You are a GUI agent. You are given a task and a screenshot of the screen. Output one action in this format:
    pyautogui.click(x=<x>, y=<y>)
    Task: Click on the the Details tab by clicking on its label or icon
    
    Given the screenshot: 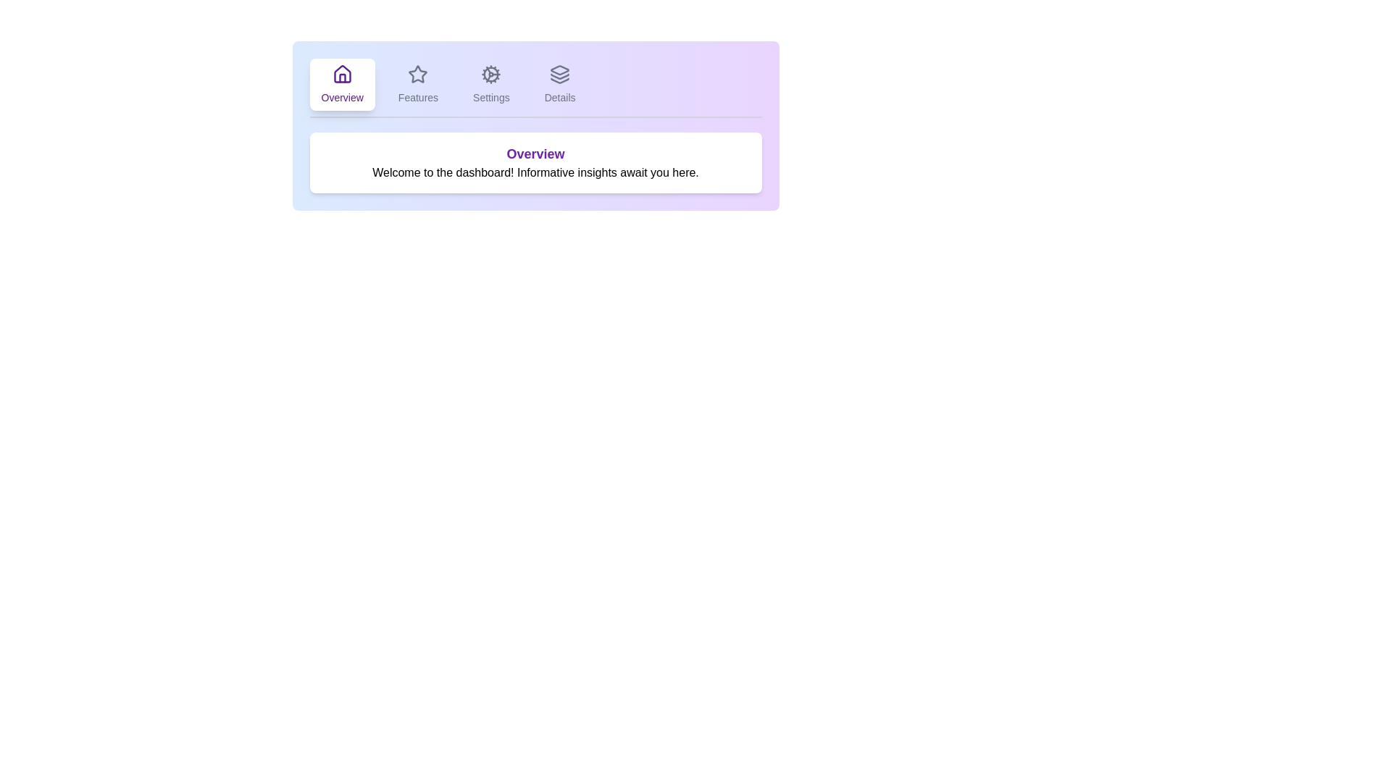 What is the action you would take?
    pyautogui.click(x=559, y=84)
    